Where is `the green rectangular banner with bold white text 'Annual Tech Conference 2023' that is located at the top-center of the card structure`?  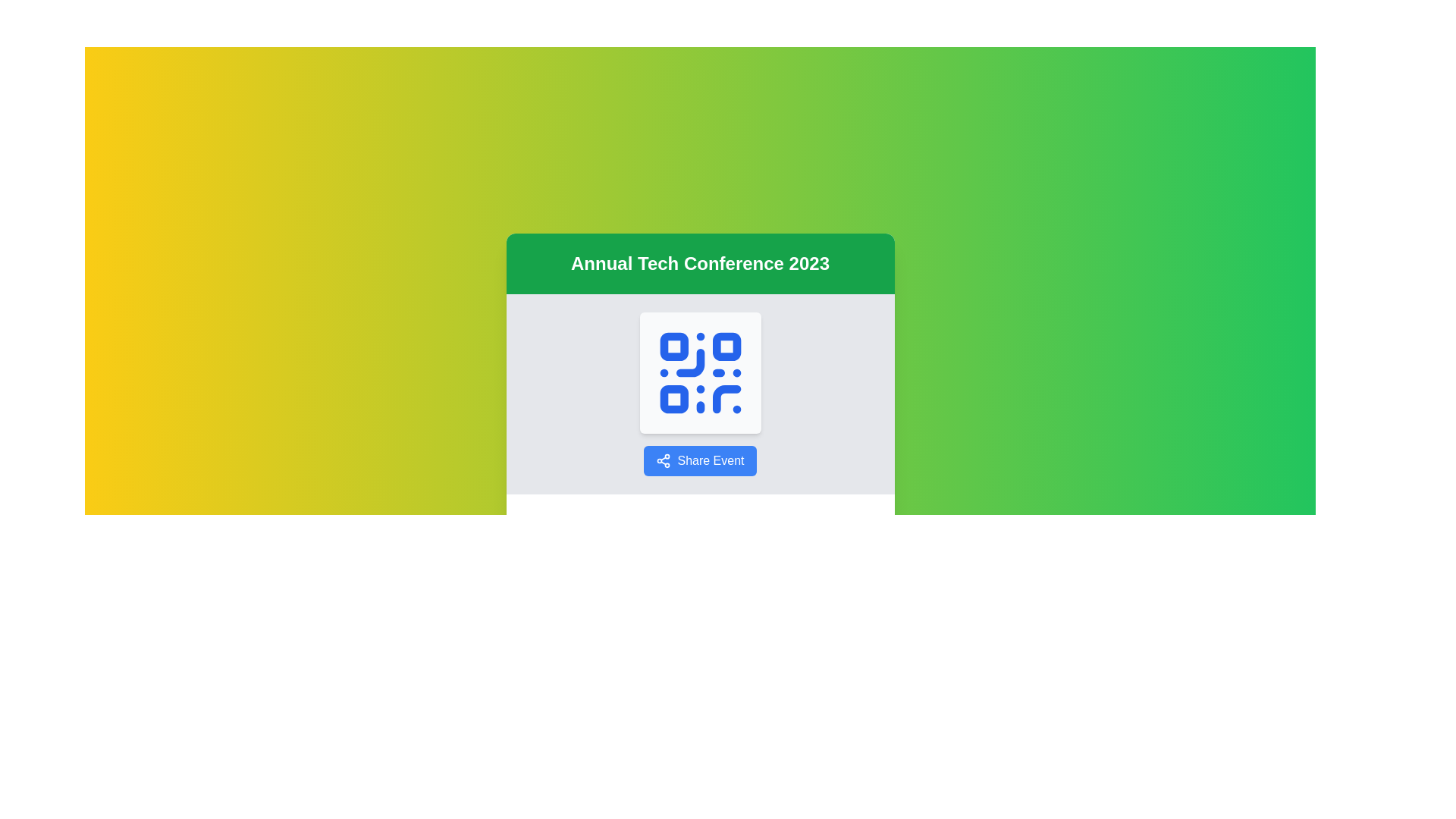
the green rectangular banner with bold white text 'Annual Tech Conference 2023' that is located at the top-center of the card structure is located at coordinates (699, 262).